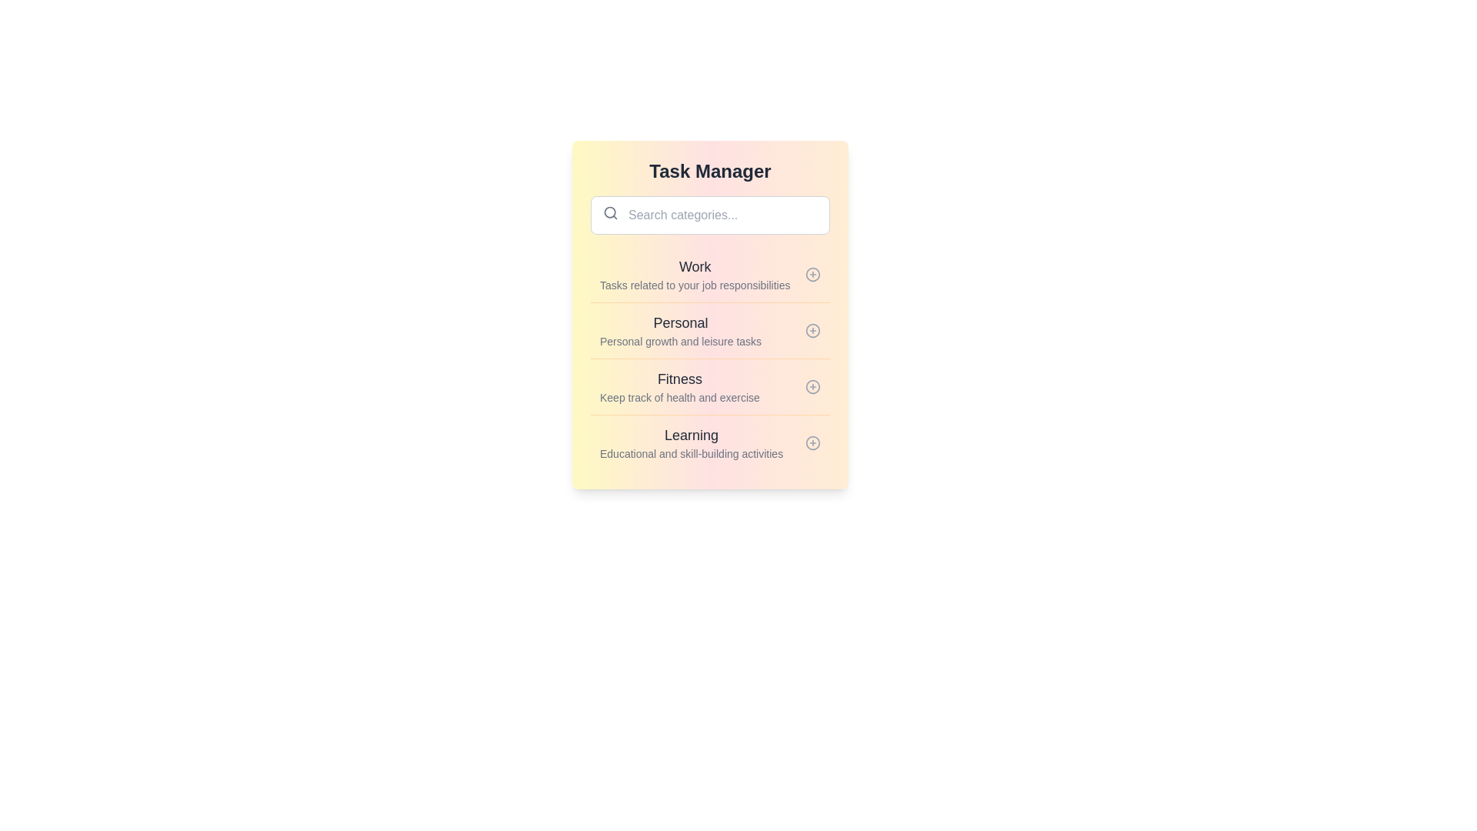 This screenshot has height=831, width=1477. I want to click on the action trigger button icon located on the right-hand side of the 'Learning' section, near the text 'Educational and skill-building activities', so click(812, 442).